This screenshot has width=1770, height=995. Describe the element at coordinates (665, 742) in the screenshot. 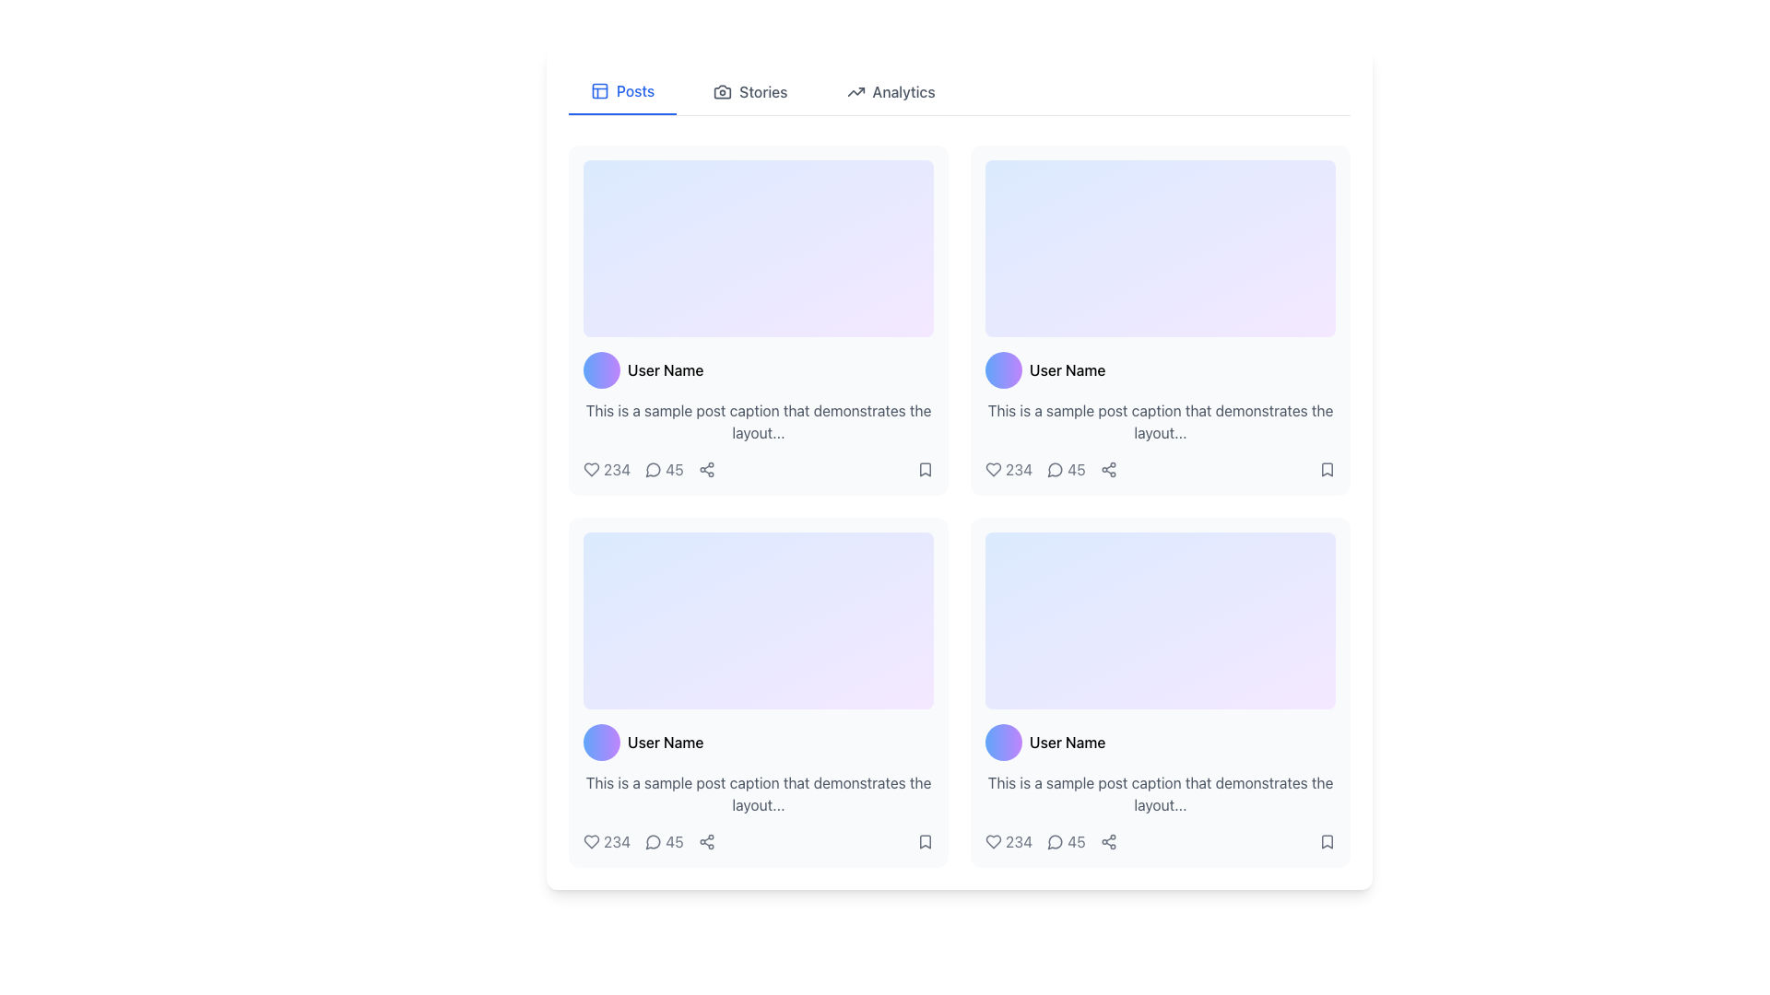

I see `text content of the 'User Name' label, which is a medium font weight text styled in black, located to the right of a circular gradient-colored avatar icon` at that location.